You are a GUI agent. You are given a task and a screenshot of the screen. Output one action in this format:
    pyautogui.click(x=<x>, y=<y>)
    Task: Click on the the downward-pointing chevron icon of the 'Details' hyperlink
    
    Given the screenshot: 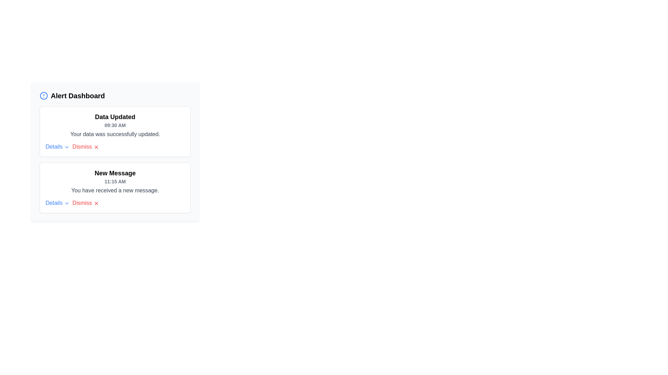 What is the action you would take?
    pyautogui.click(x=57, y=147)
    